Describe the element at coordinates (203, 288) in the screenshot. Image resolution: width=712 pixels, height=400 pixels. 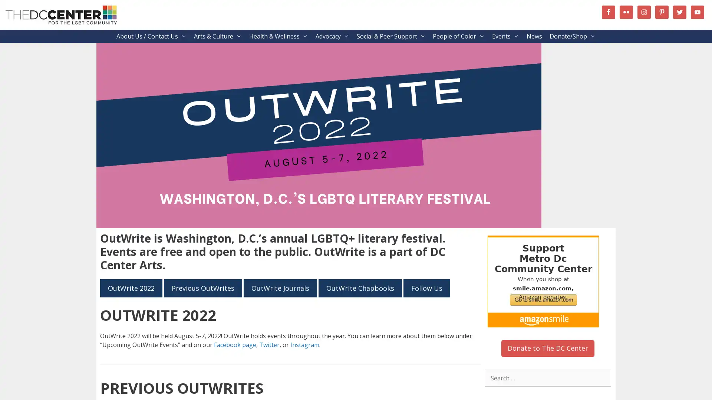
I see `Previous OutWrites` at that location.